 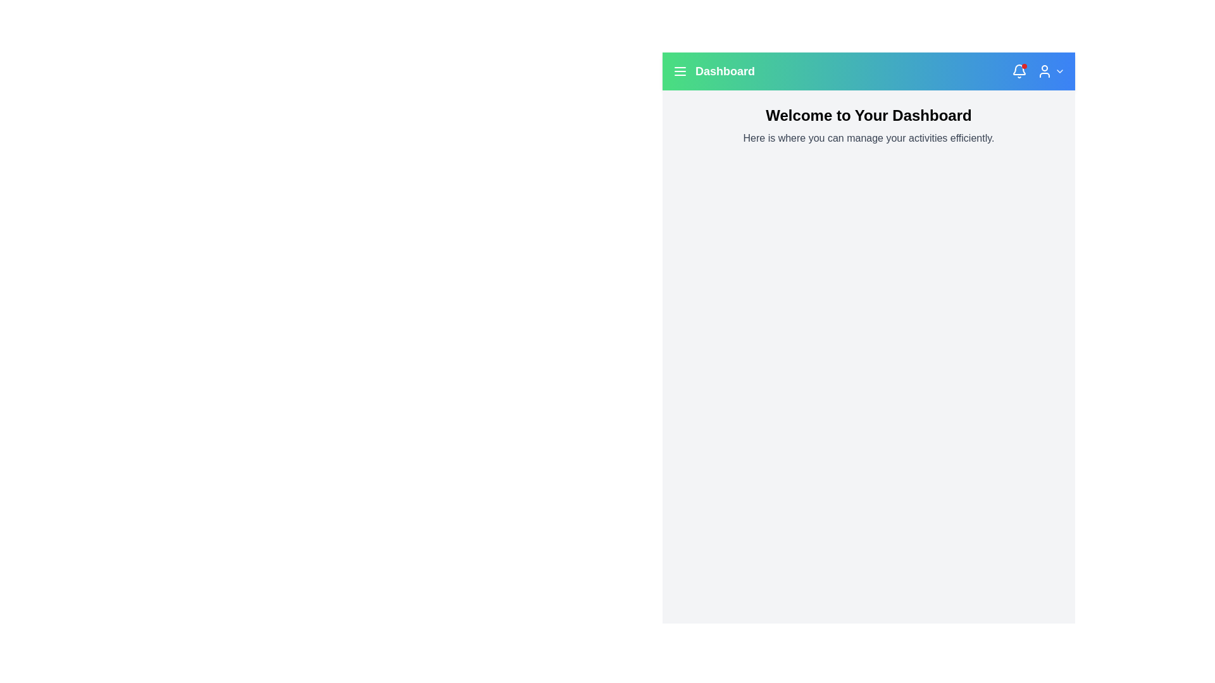 I want to click on the bell icon located at the top-right corner of the application header, so click(x=1019, y=71).